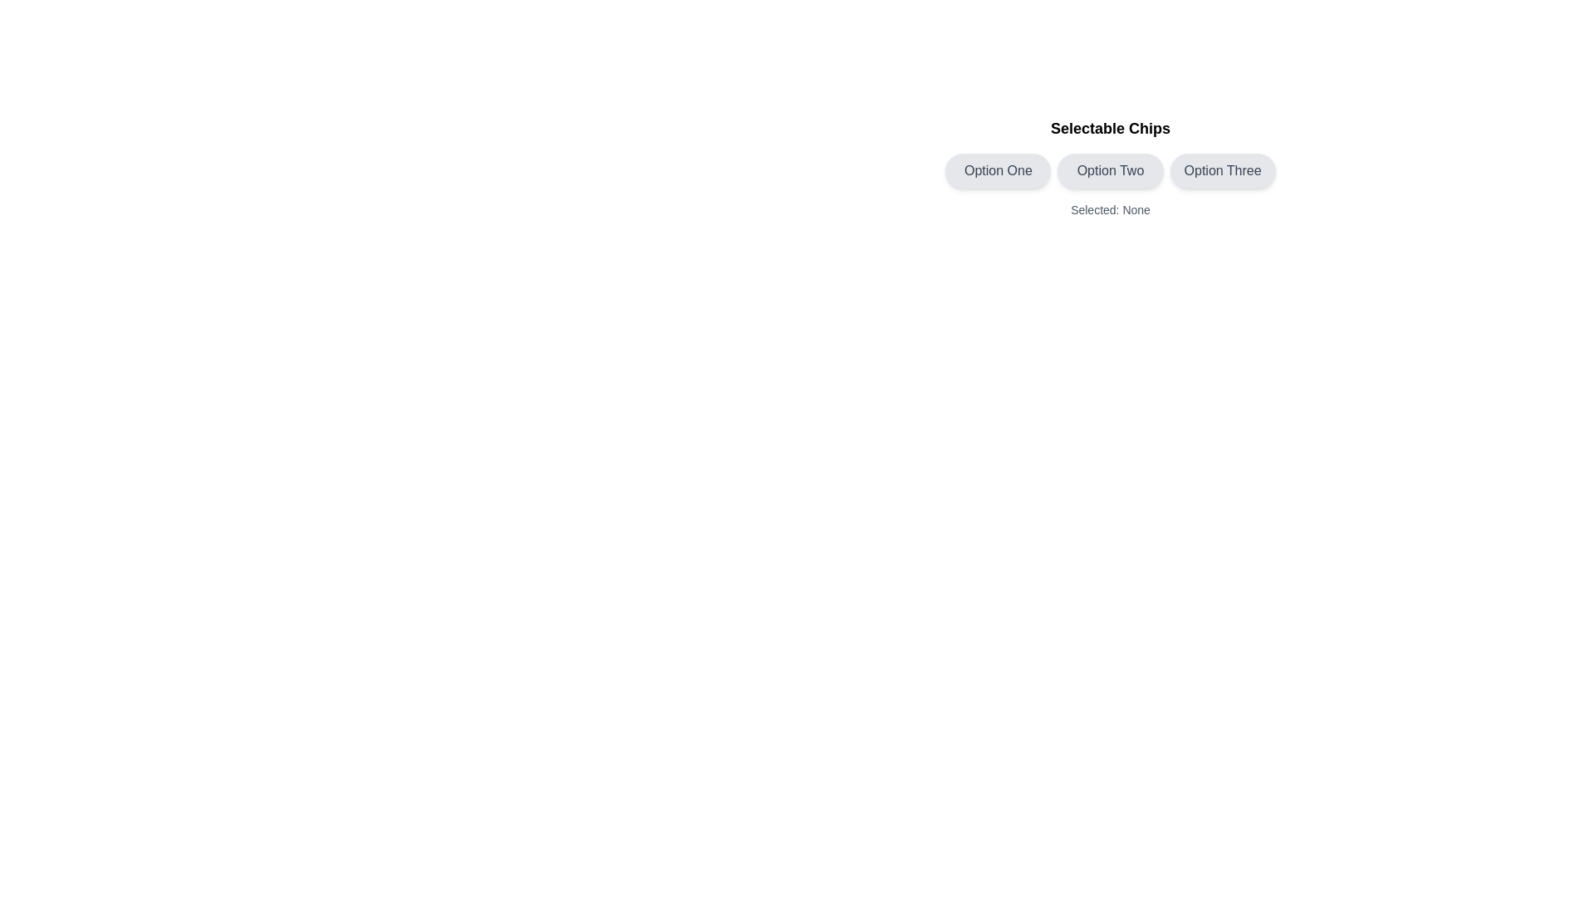 This screenshot has width=1595, height=897. Describe the element at coordinates (1110, 170) in the screenshot. I see `the text label 'Option Two' within the interactive button component, which is the middle chip in a row of three options` at that location.